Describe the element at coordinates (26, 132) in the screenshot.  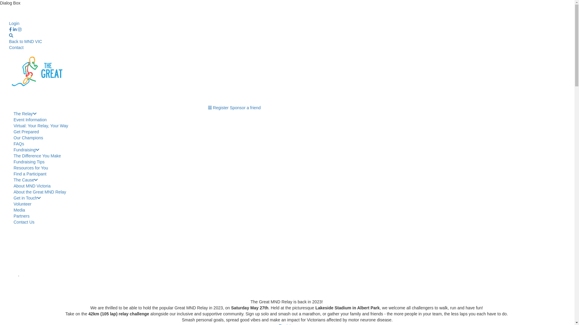
I see `'Get Prepared'` at that location.